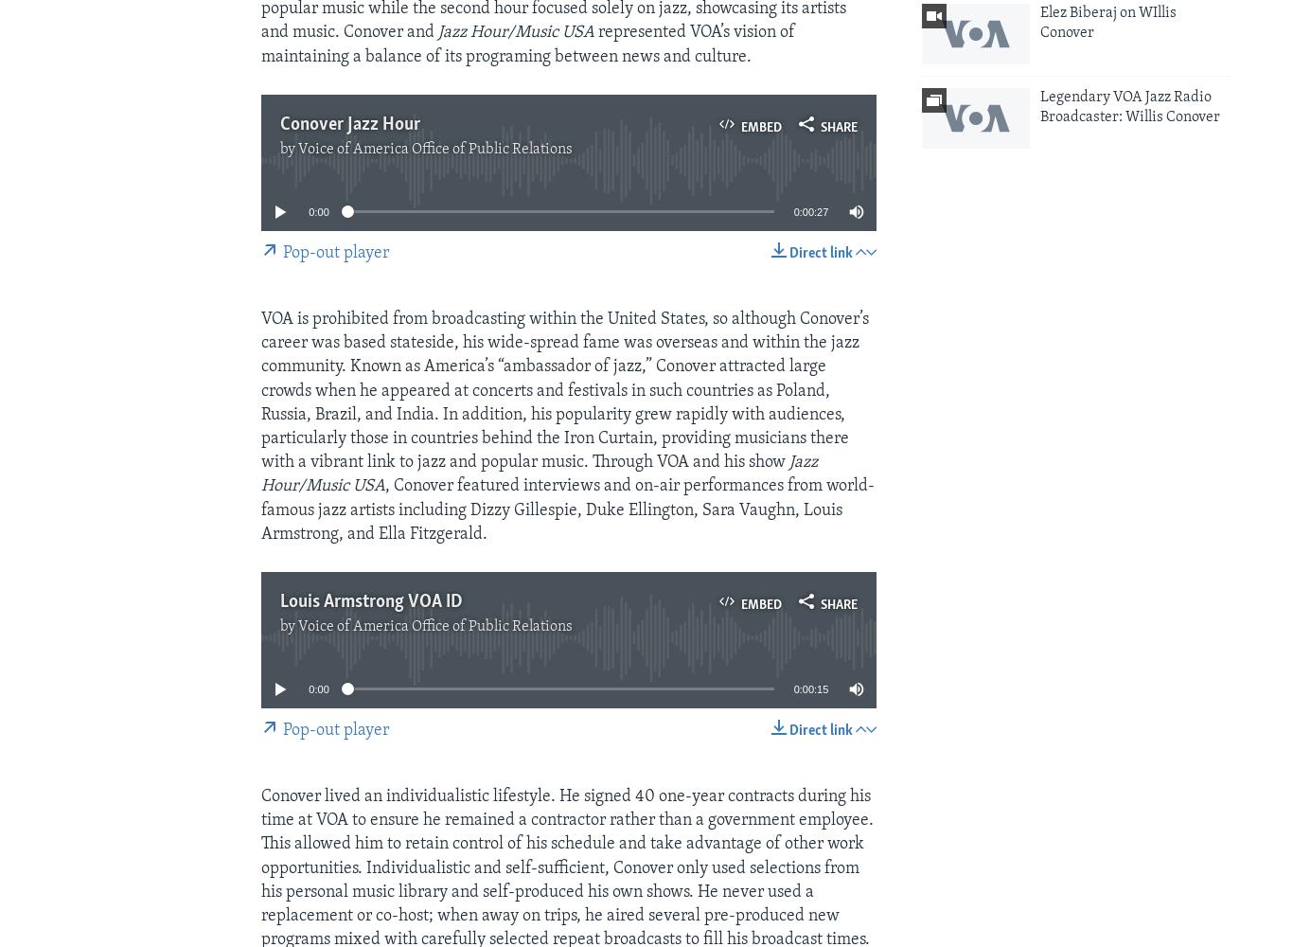  What do you see at coordinates (563, 391) in the screenshot?
I see `'VOA is prohibited from broadcasting within the United States, so although Conover’s career was based stateside, his wide-spread fame was overseas and within the jazz community. Known as America’s “ambassador of jazz,” Conover attracted large crowds when he appeared at concerts and festivals in such countries as Poland, Russia, Brazil, and India. In addition, his popularity grew rapidly with audiences, particularly those in countries behind the Iron Curtain, providing musicians there with a vibrant link to jazz and popular music. Through VOA and his show'` at bounding box center [563, 391].